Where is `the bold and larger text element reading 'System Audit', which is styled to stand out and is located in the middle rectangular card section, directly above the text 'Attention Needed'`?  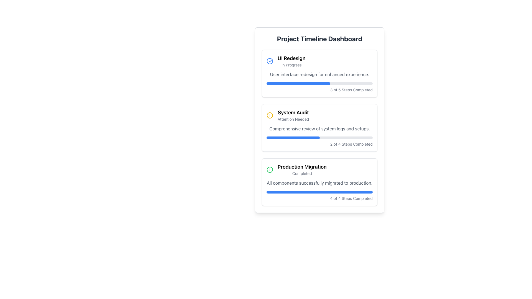 the bold and larger text element reading 'System Audit', which is styled to stand out and is located in the middle rectangular card section, directly above the text 'Attention Needed' is located at coordinates (293, 112).